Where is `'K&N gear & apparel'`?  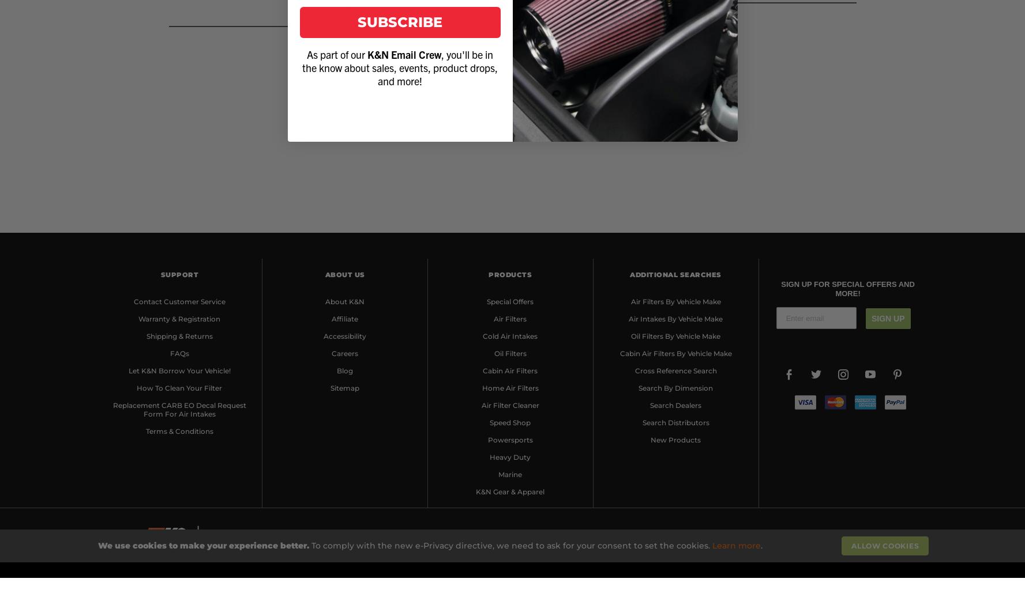 'K&N gear & apparel' is located at coordinates (509, 491).